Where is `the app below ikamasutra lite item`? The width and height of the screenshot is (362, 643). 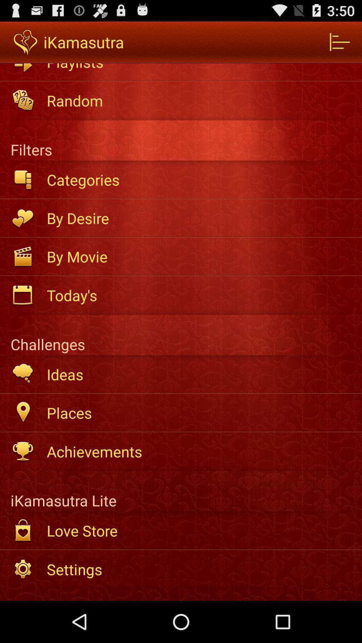 the app below ikamasutra lite item is located at coordinates (199, 530).